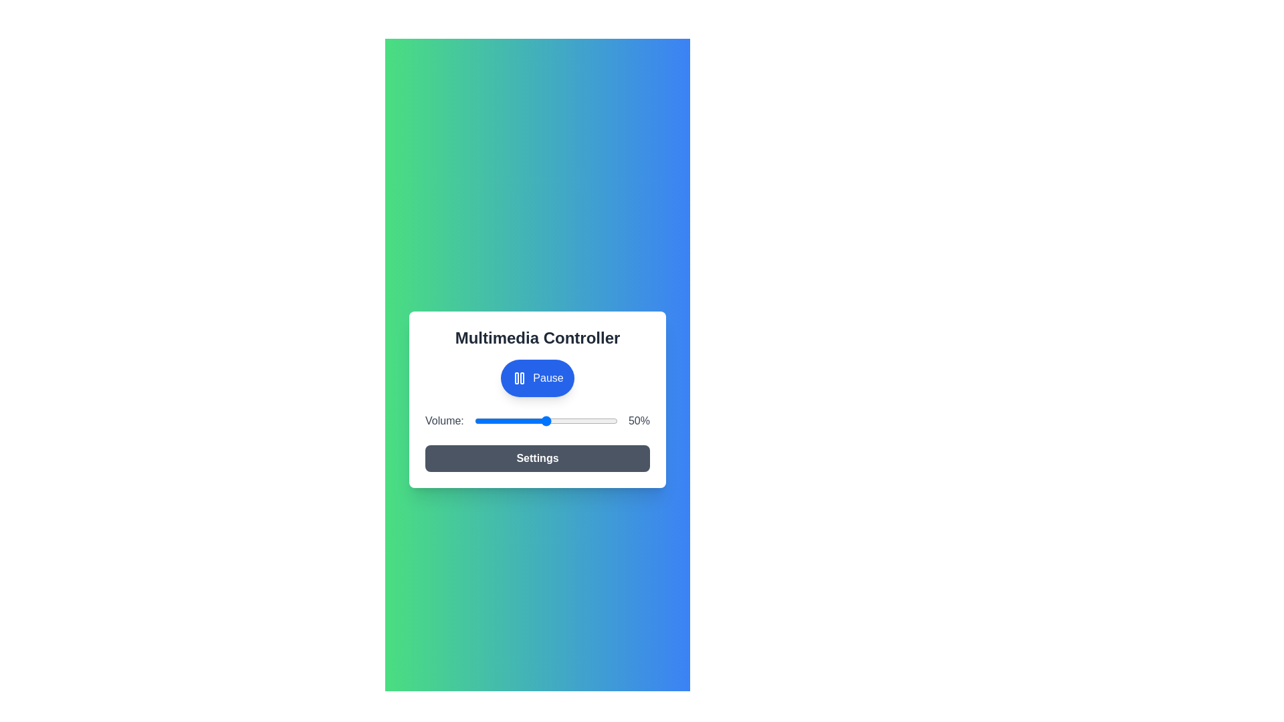  What do you see at coordinates (554, 420) in the screenshot?
I see `the volume` at bounding box center [554, 420].